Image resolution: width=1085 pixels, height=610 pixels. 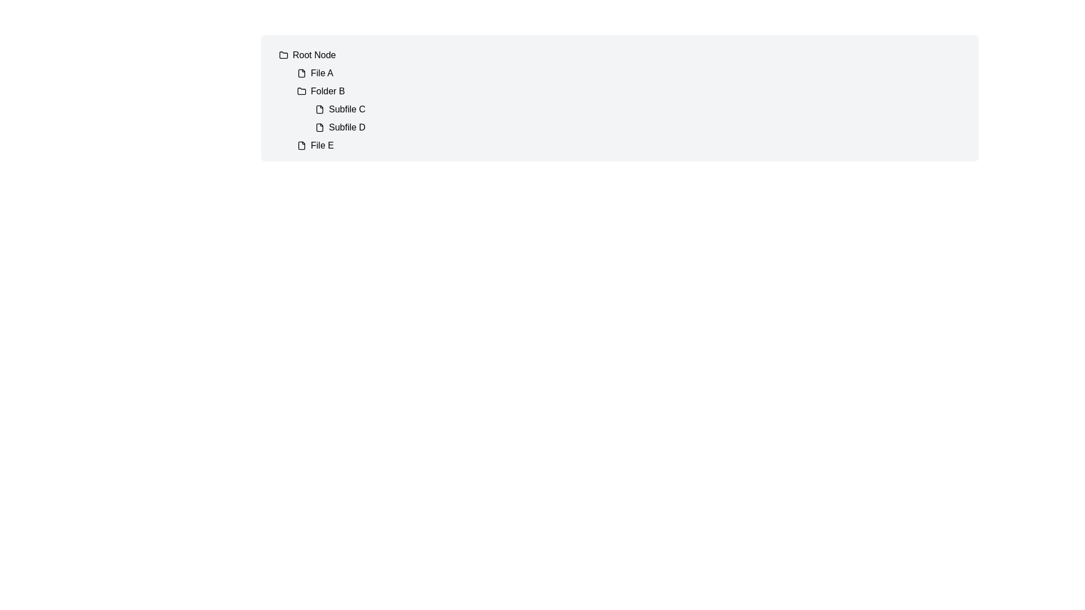 What do you see at coordinates (301, 73) in the screenshot?
I see `the main body part of the file icon representing 'File A' in the tree view interface` at bounding box center [301, 73].